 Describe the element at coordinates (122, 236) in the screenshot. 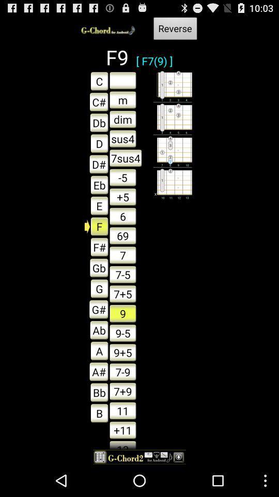

I see `the item above the 7 item` at that location.